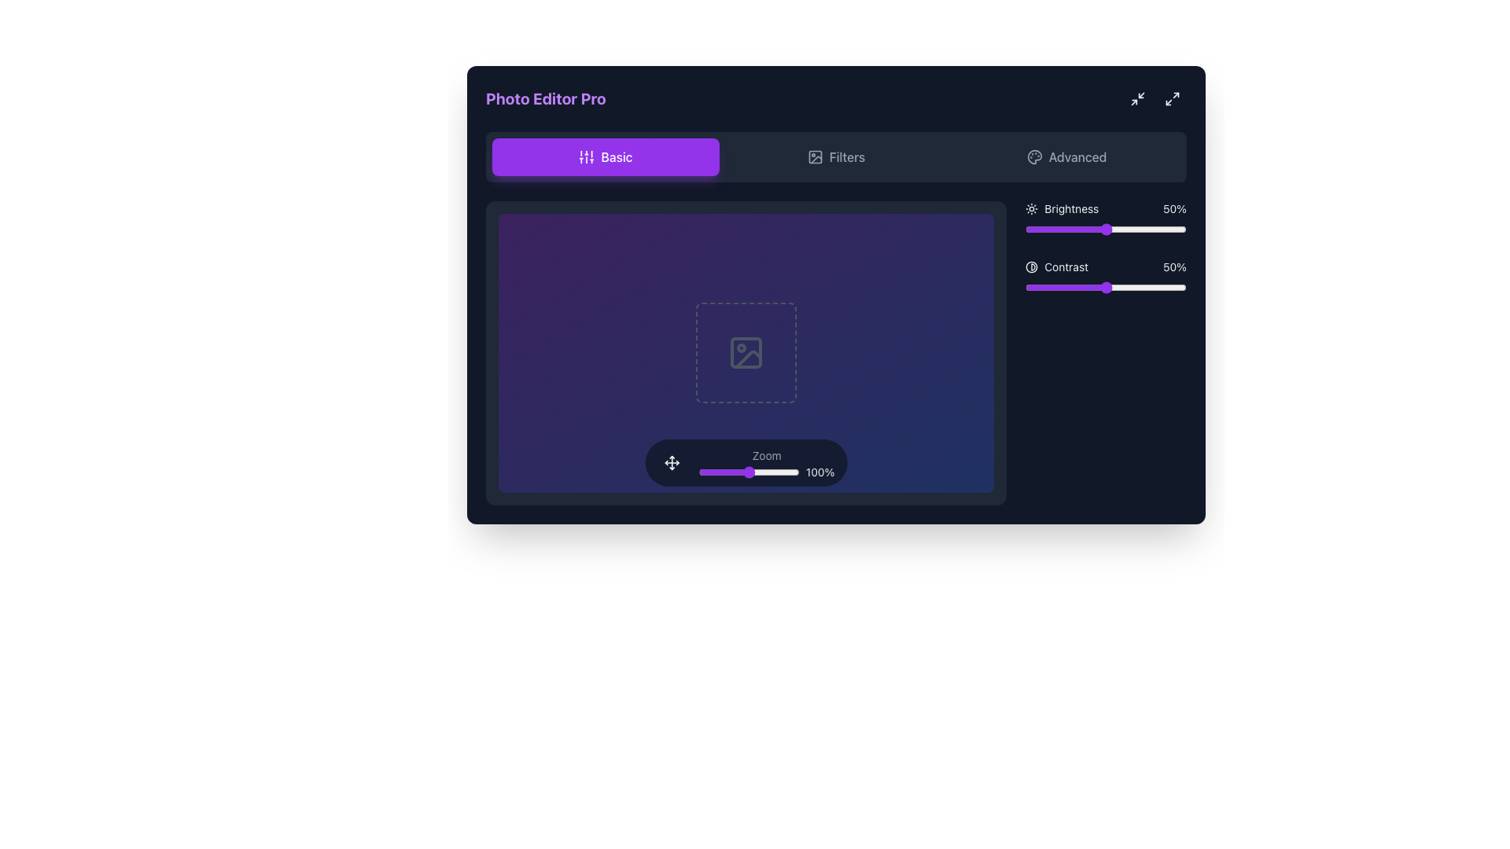  What do you see at coordinates (714, 471) in the screenshot?
I see `the zoom level` at bounding box center [714, 471].